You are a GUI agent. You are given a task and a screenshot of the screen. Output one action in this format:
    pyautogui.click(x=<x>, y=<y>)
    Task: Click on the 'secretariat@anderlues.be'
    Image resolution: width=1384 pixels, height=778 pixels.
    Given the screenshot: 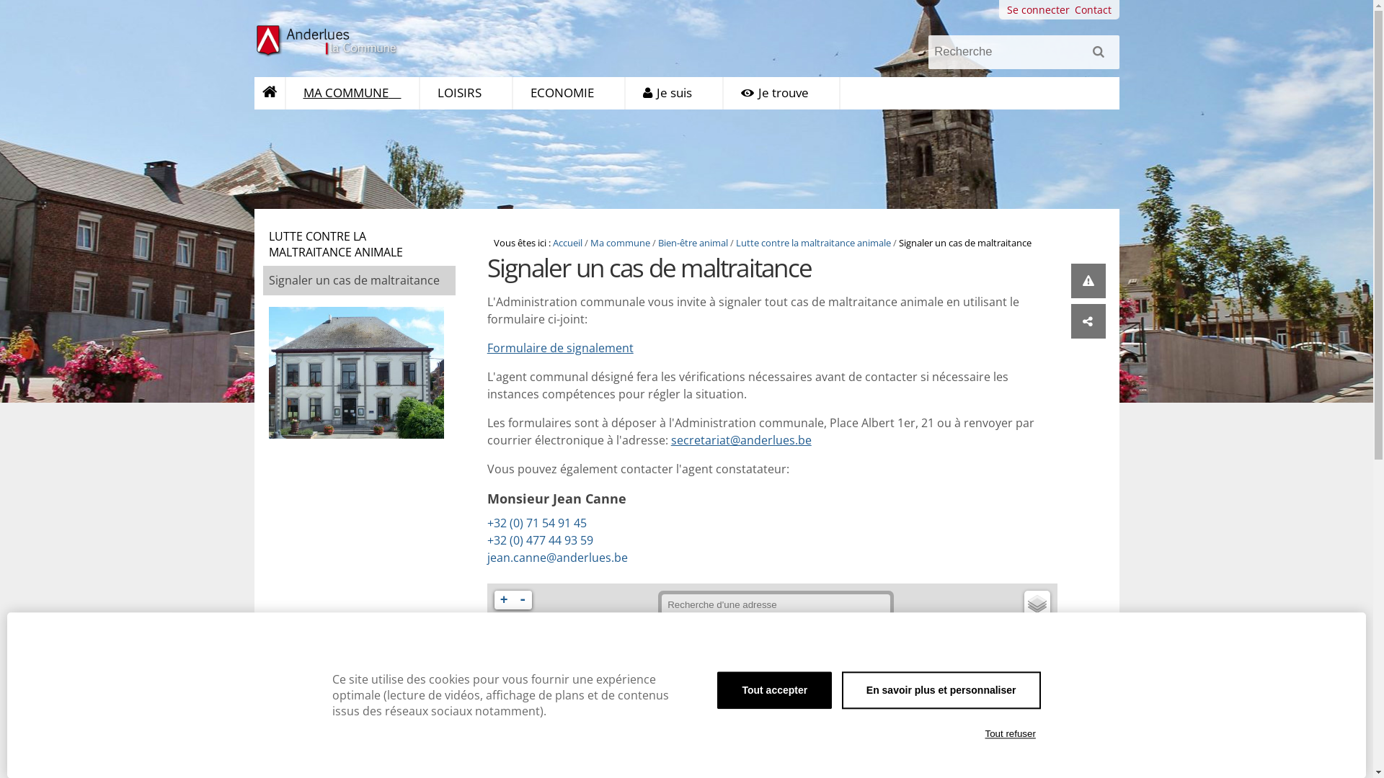 What is the action you would take?
    pyautogui.click(x=741, y=439)
    